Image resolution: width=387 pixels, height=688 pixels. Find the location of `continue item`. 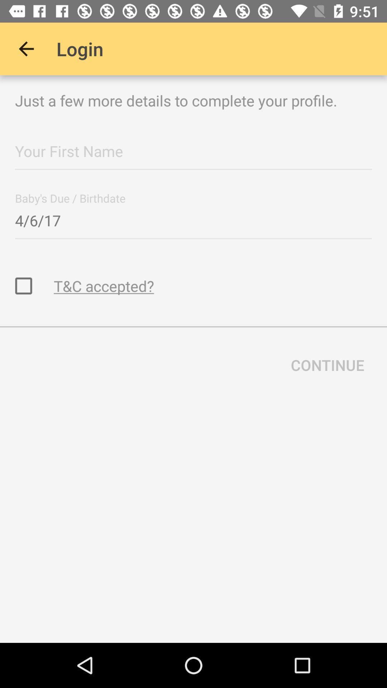

continue item is located at coordinates (328, 365).